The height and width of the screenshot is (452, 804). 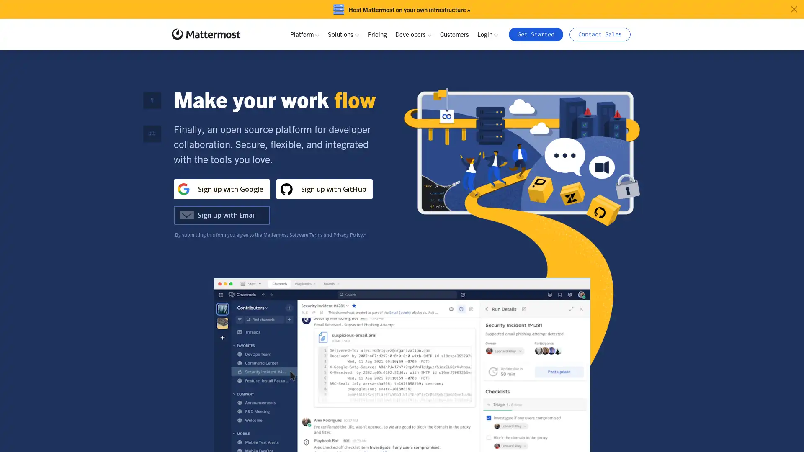 What do you see at coordinates (323, 189) in the screenshot?
I see `Sign up with GitHub` at bounding box center [323, 189].